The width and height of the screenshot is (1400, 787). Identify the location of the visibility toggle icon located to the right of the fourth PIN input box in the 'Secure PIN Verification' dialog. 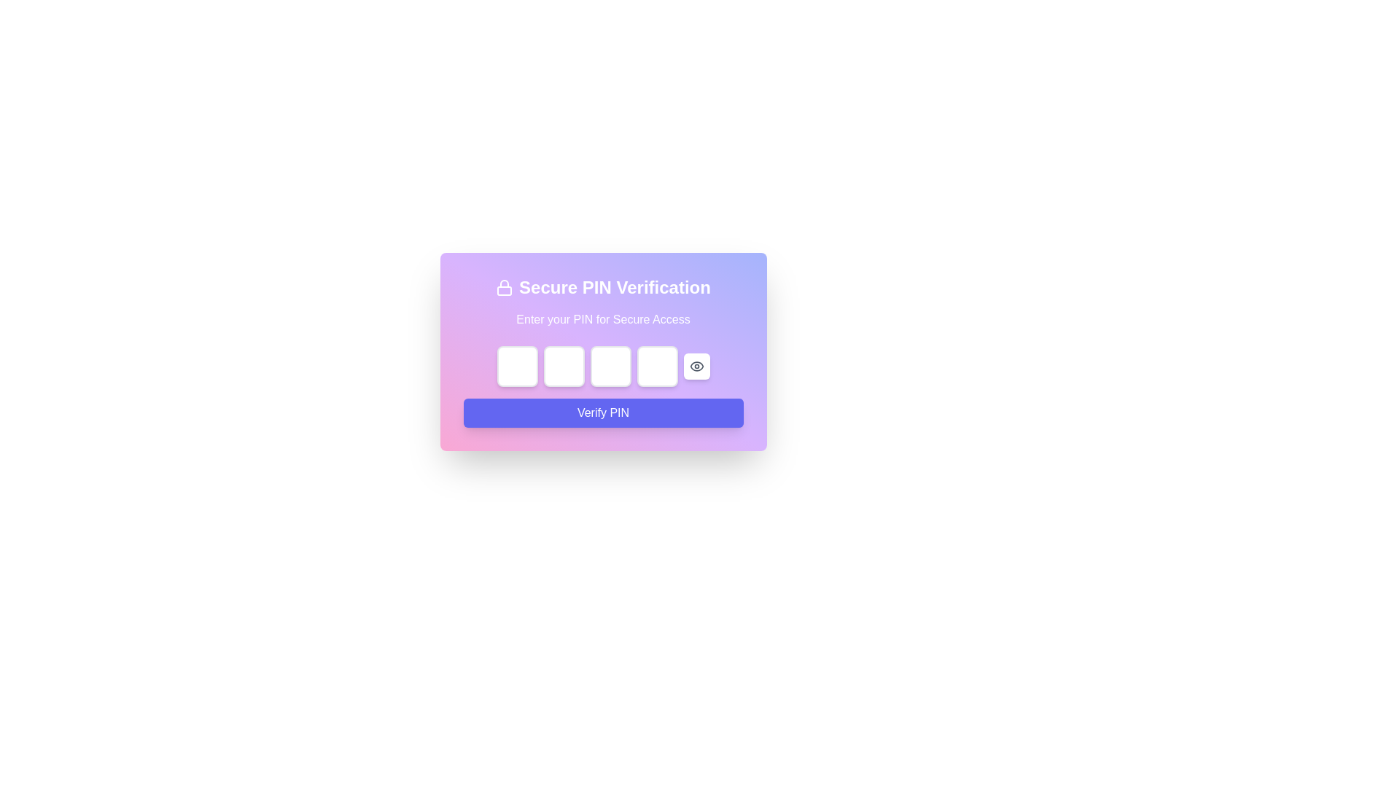
(696, 365).